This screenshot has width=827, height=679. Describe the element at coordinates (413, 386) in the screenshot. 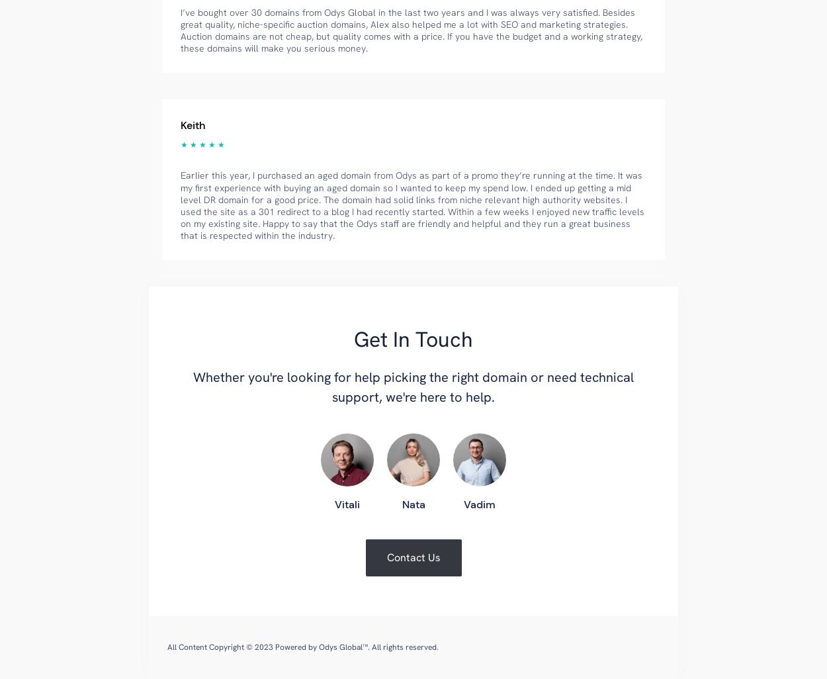

I see `'Whether you're looking for help picking the right domain or need technical support, we're here to help.'` at that location.